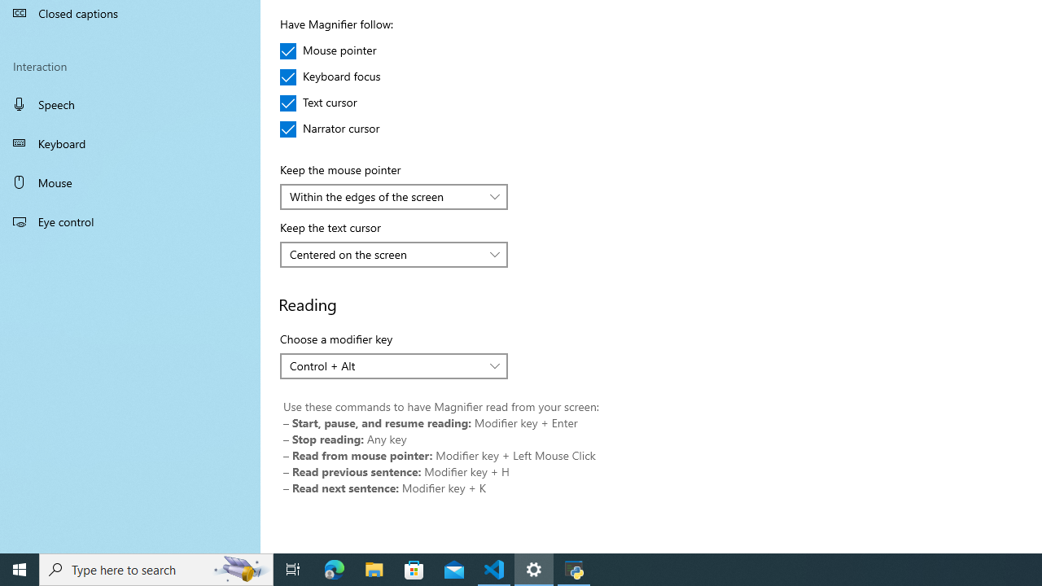 The image size is (1042, 586). Describe the element at coordinates (394, 195) in the screenshot. I see `'Keep the mouse pointer'` at that location.